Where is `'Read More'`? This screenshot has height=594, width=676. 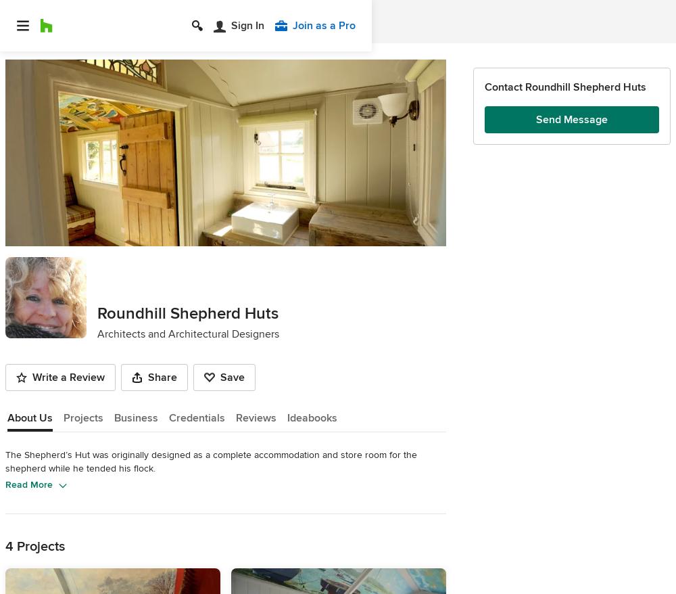 'Read More' is located at coordinates (29, 483).